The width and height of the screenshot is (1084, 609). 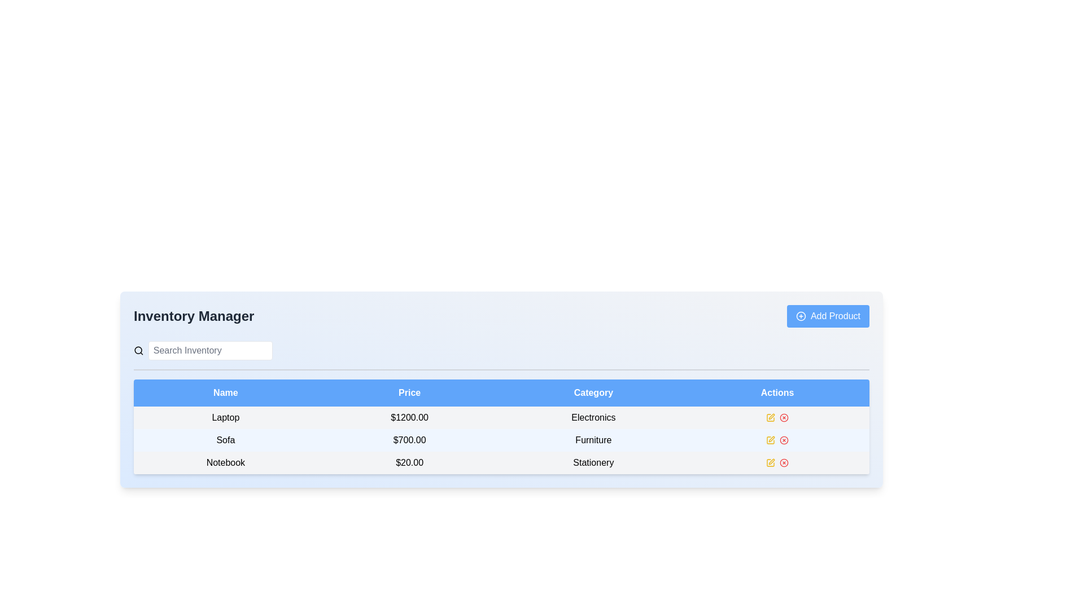 What do you see at coordinates (777, 392) in the screenshot?
I see `the 'Actions' column header in the data table, which is the fourth column header located near the right edge of the table` at bounding box center [777, 392].